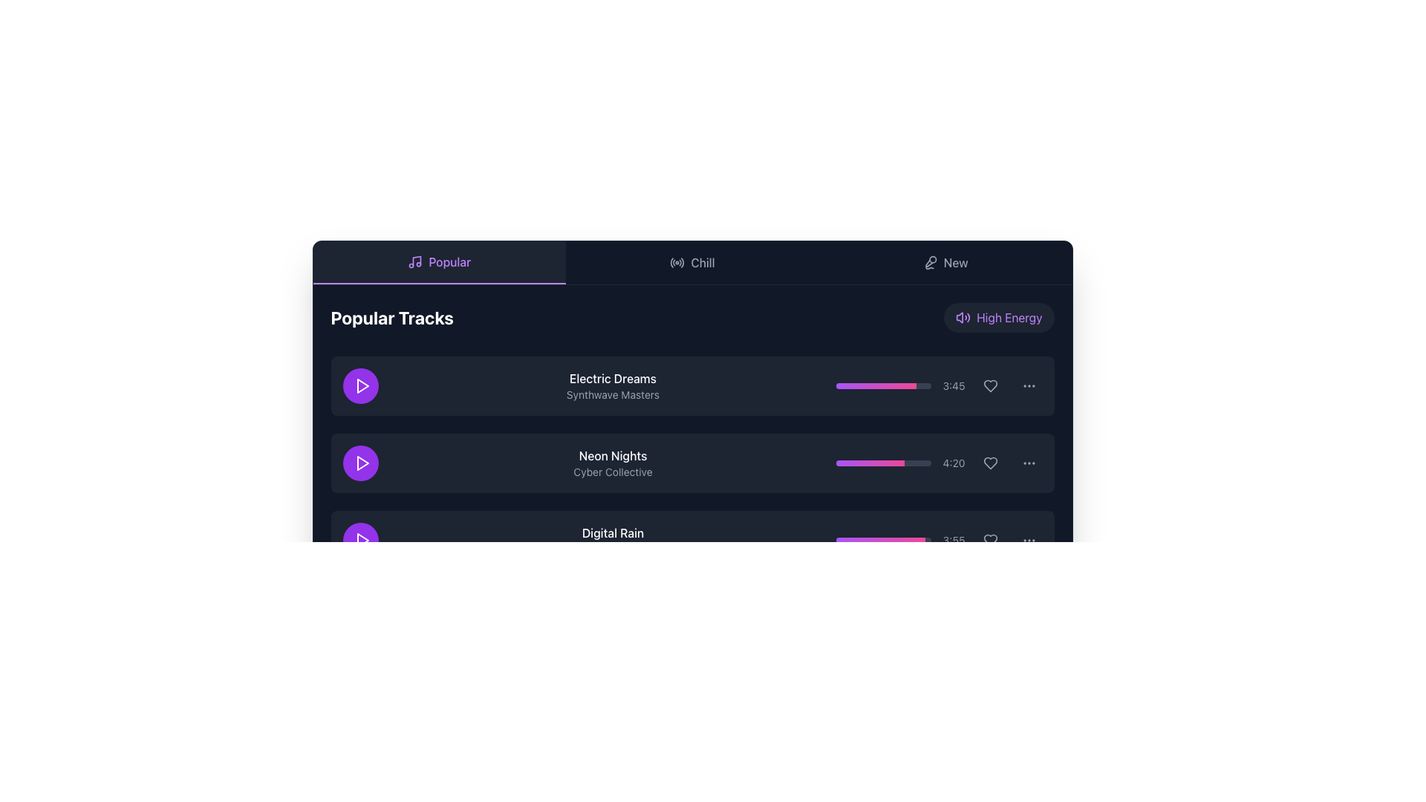 This screenshot has height=802, width=1426. I want to click on the text label providing contextual information for the track 'Electric Dreams', located beneath the title in the first item of a vertical list, so click(613, 394).